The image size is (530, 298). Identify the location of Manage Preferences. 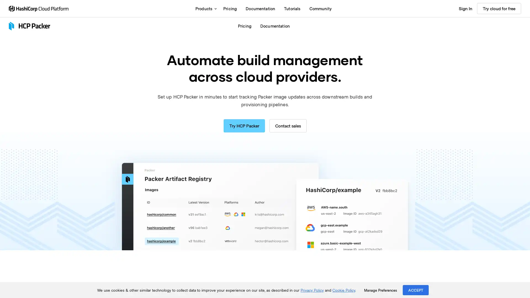
(380, 290).